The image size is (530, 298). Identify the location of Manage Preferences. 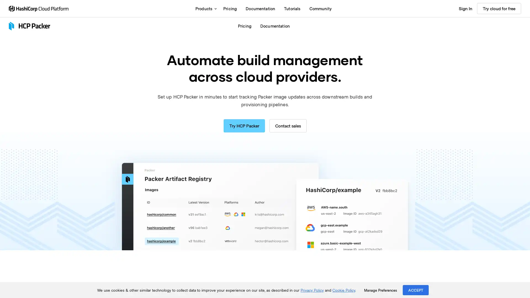
(380, 290).